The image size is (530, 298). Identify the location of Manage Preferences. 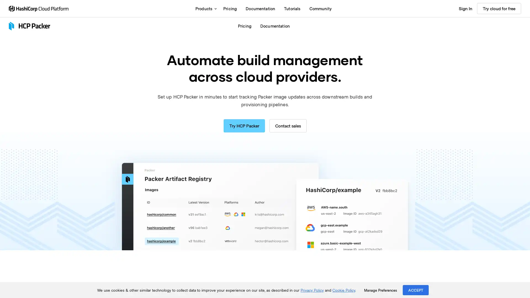
(380, 290).